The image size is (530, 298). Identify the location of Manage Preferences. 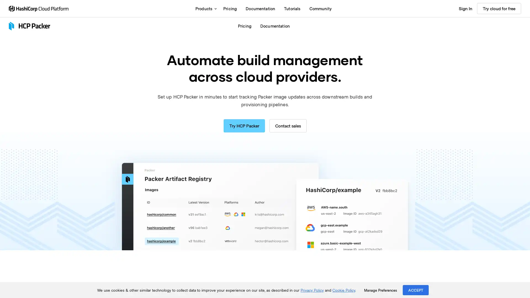
(380, 290).